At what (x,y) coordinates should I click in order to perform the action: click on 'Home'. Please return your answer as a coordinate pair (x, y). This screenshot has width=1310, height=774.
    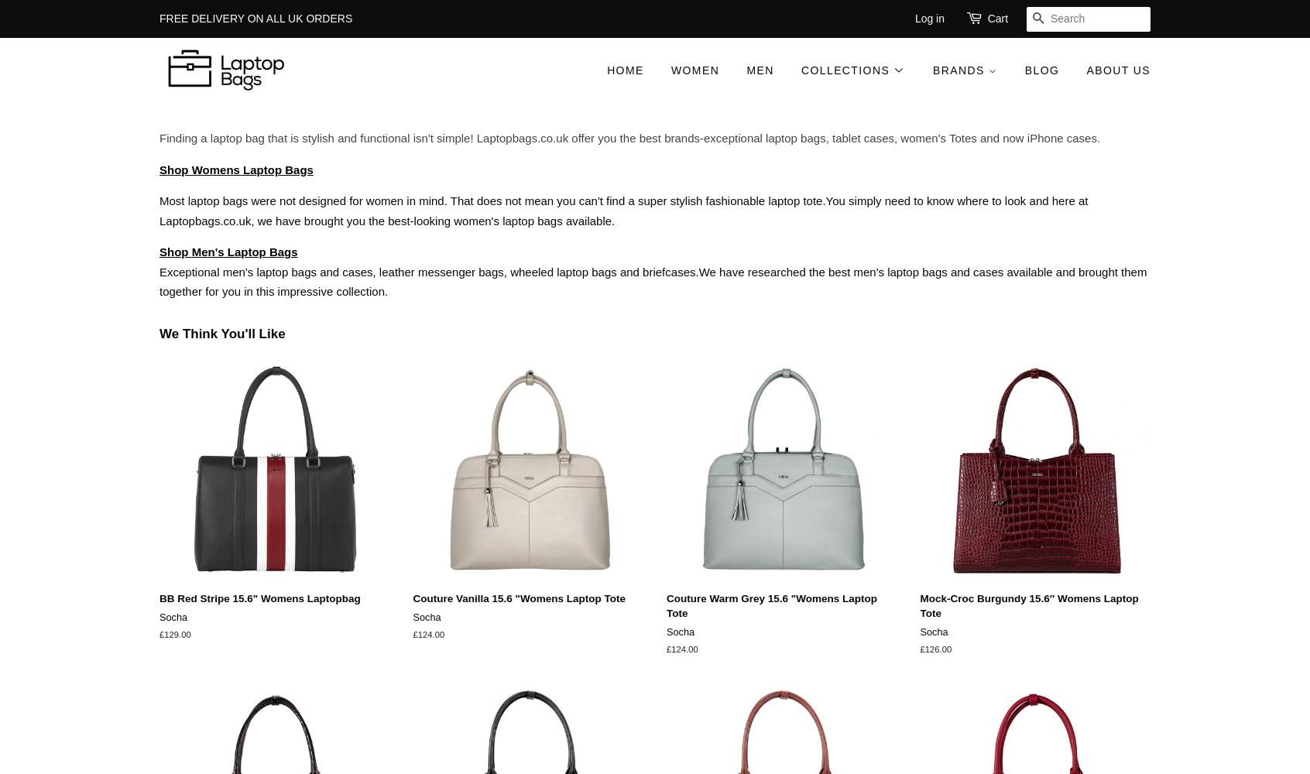
    Looking at the image, I should click on (607, 70).